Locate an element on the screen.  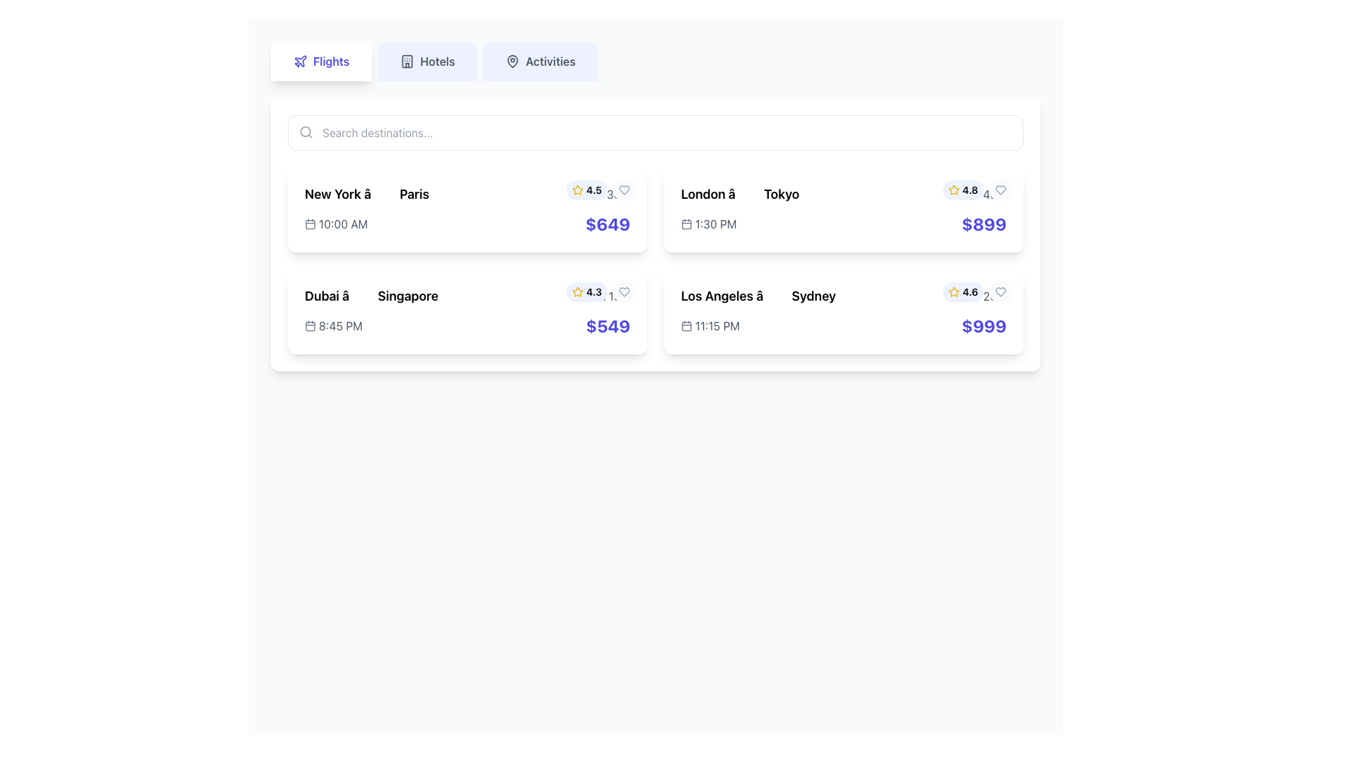
the clock icon is located at coordinates (582, 194).